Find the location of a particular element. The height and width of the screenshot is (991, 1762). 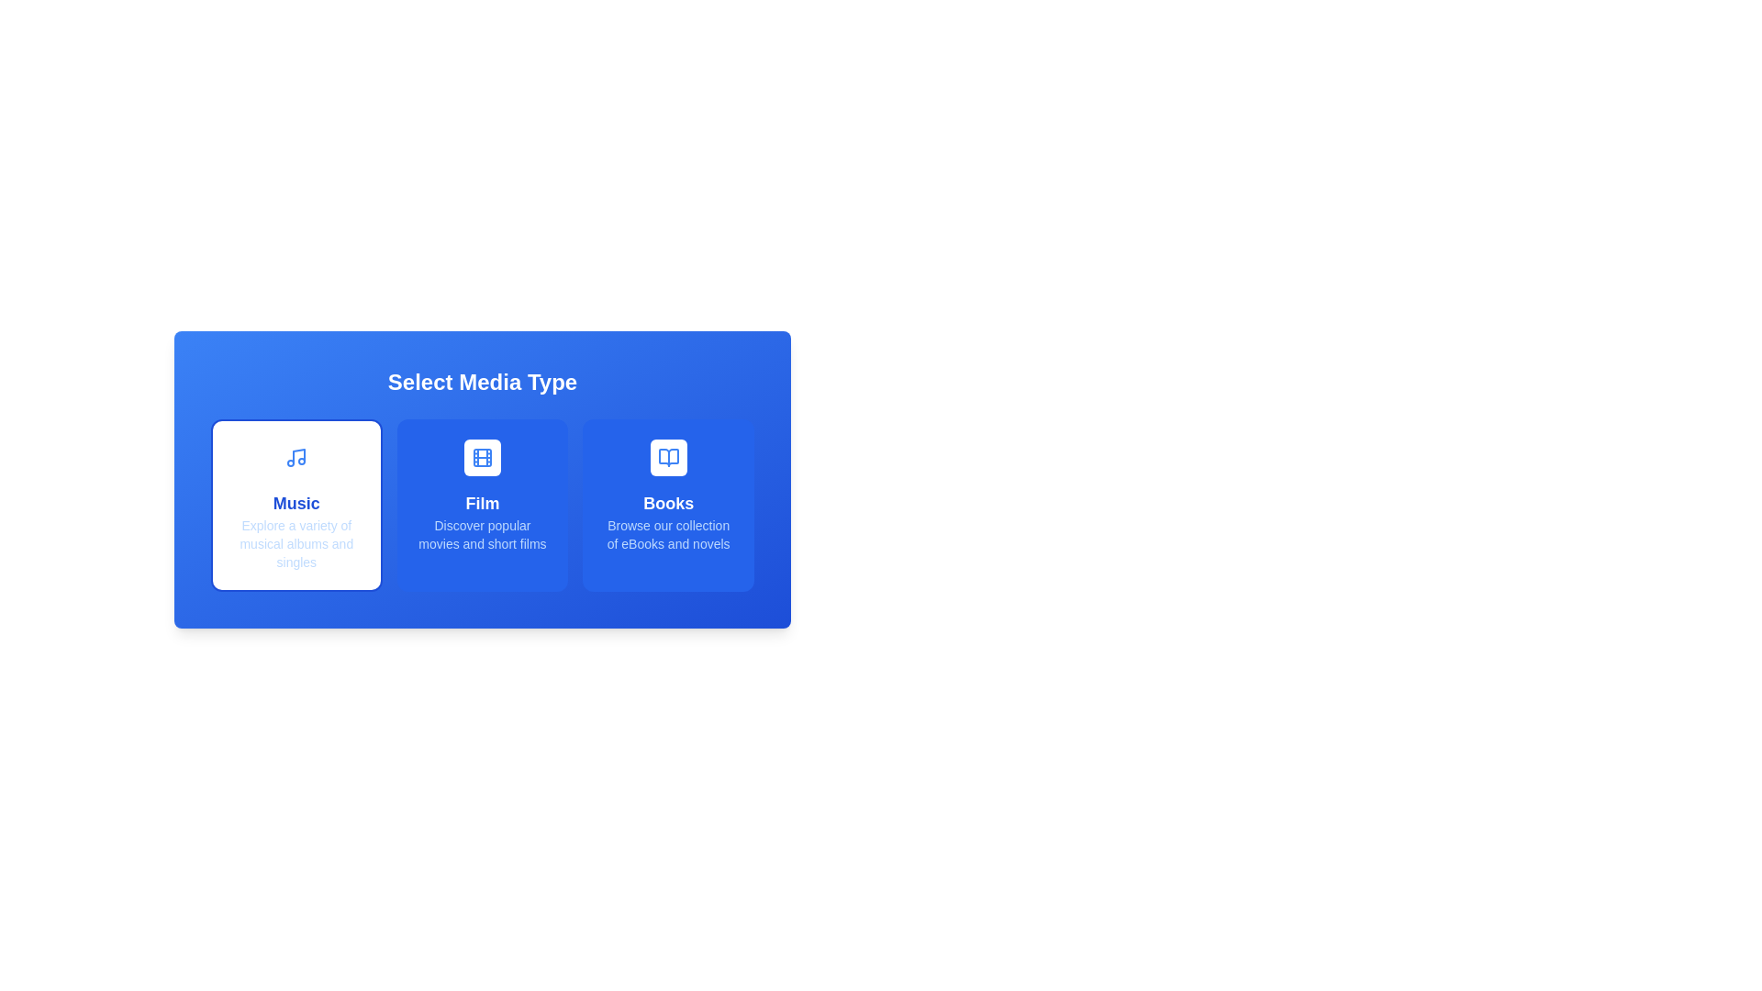

the card component with a blue background and white text titled 'Books', which is the third card in a row of three within the grid is located at coordinates (667, 506).